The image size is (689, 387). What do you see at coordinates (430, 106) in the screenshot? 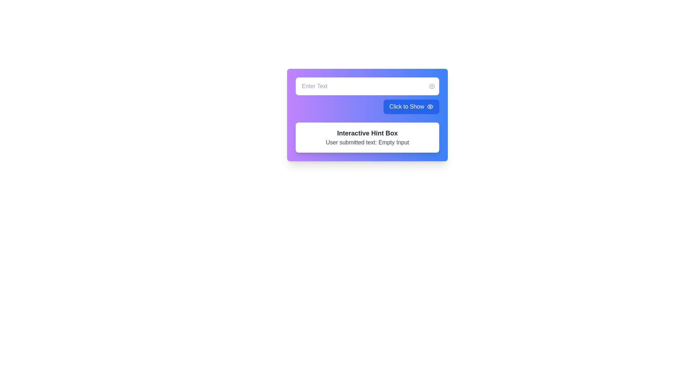
I see `the outer outline of the eye icon within the 'Click` at bounding box center [430, 106].